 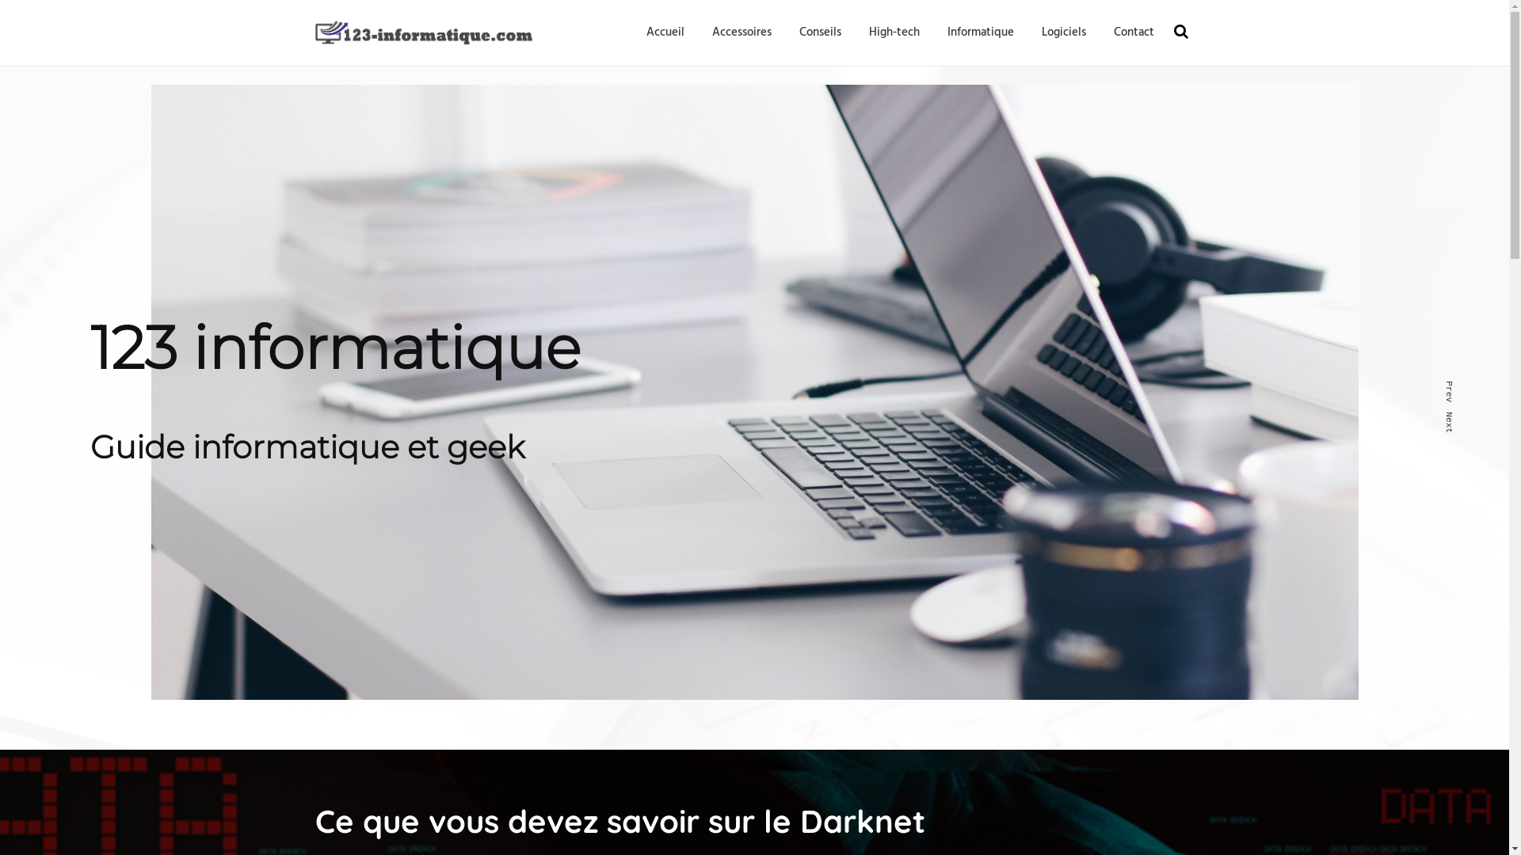 I want to click on 'Conseils', so click(x=819, y=32).